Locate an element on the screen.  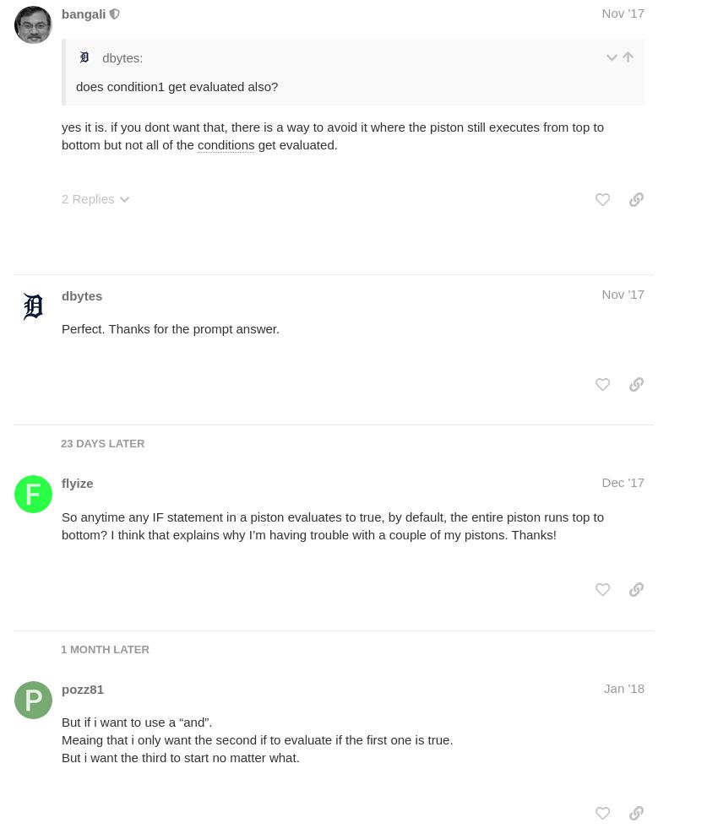
'get evaluated.' is located at coordinates (295, 143).